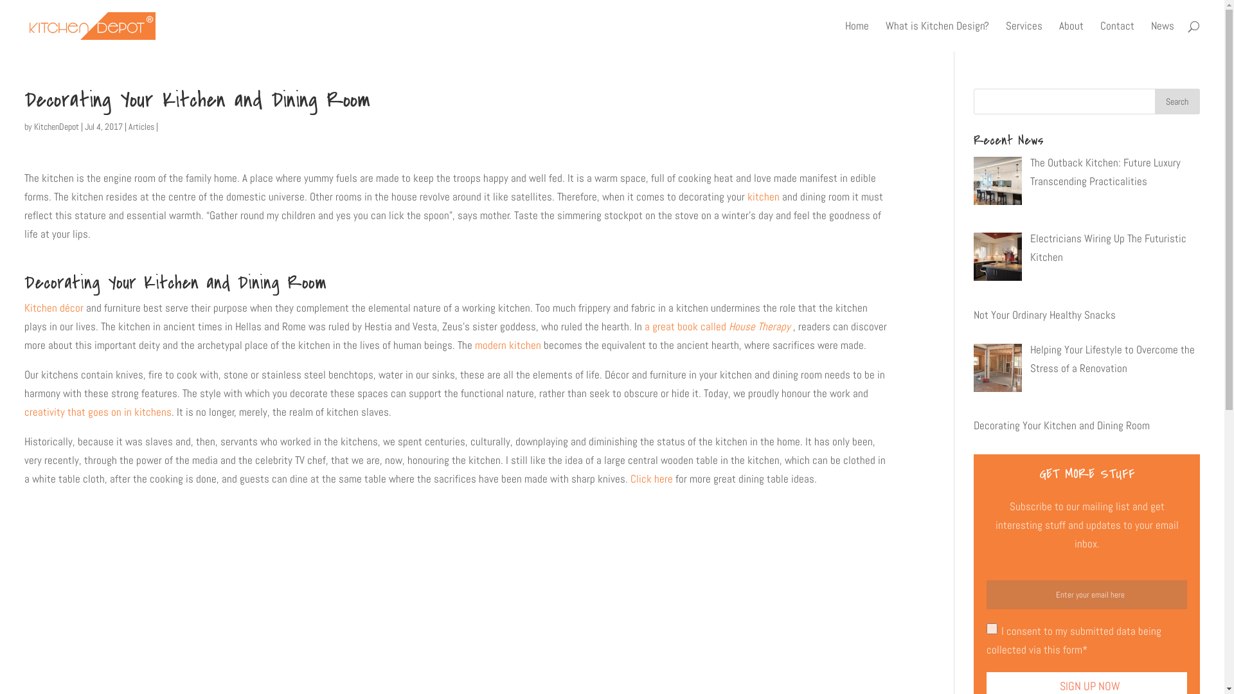  Describe the element at coordinates (630, 478) in the screenshot. I see `'Click here'` at that location.